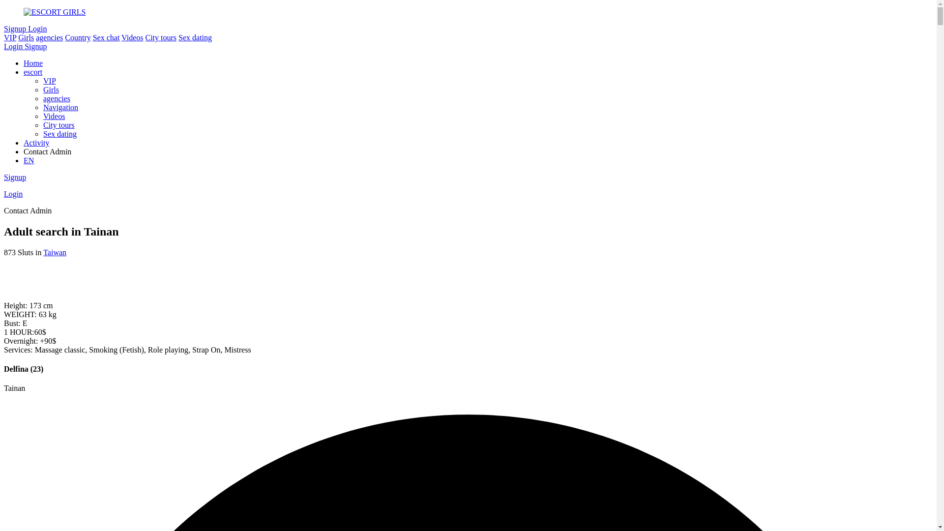  I want to click on 'Videos', so click(131, 37).